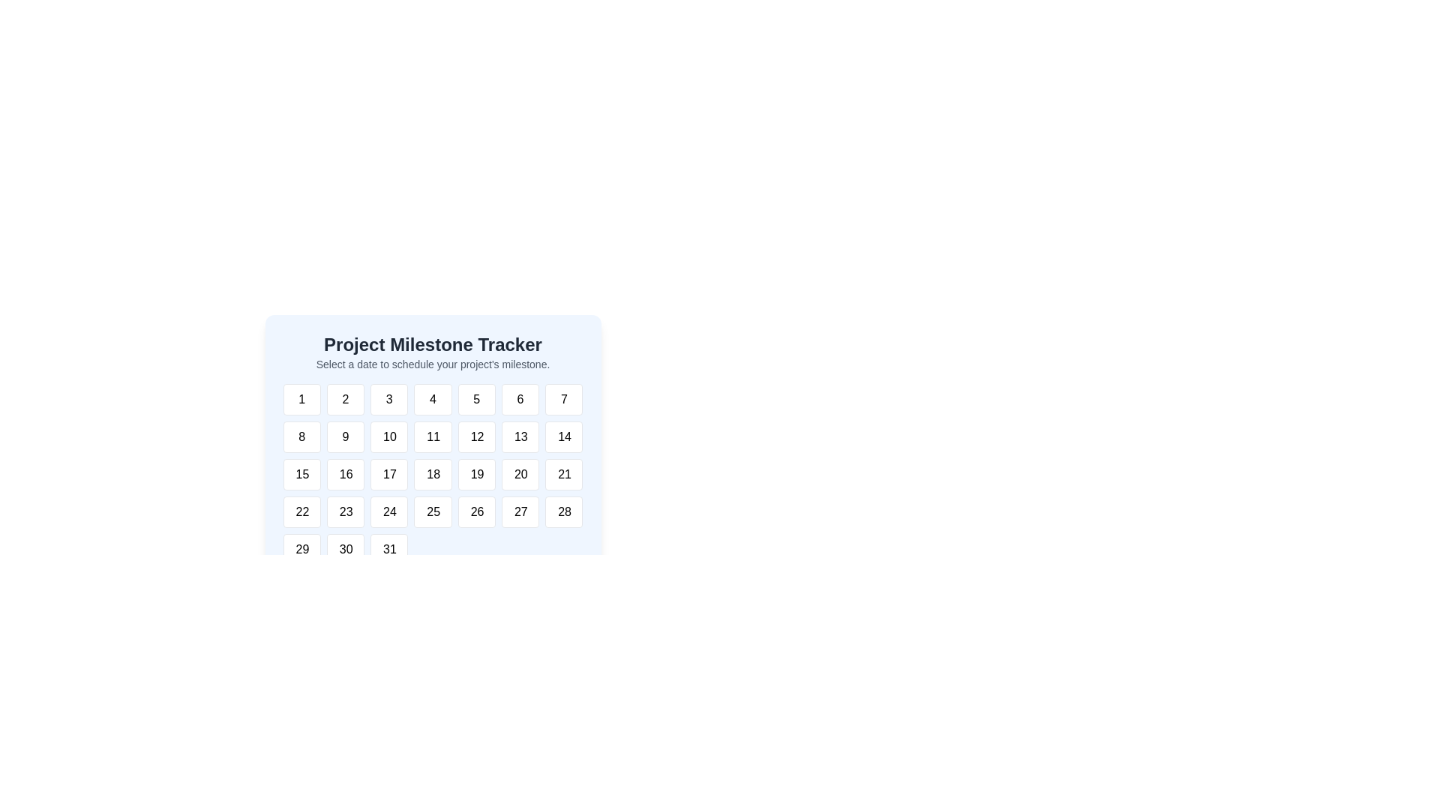 The image size is (1440, 810). What do you see at coordinates (563, 436) in the screenshot?
I see `the button with the number '14' which is styled with a white background and gray border` at bounding box center [563, 436].